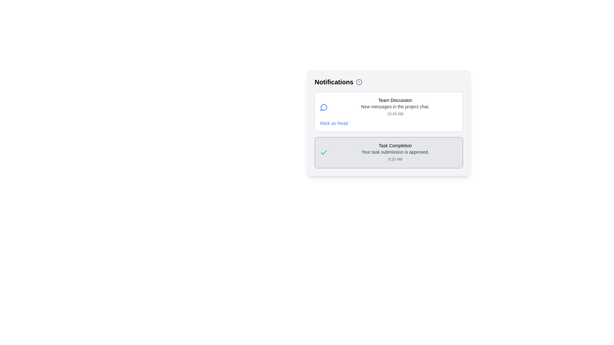 This screenshot has width=614, height=345. I want to click on the text label reading 'Task Completion' which is styled in a small font and is positioned within a notification card at the bottom of the 'Notifications' panel, so click(395, 145).